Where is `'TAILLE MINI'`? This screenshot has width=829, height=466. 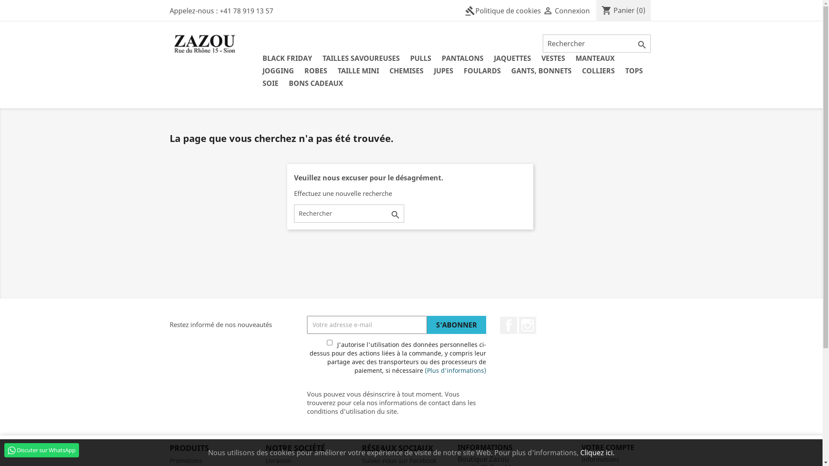
'TAILLE MINI' is located at coordinates (358, 71).